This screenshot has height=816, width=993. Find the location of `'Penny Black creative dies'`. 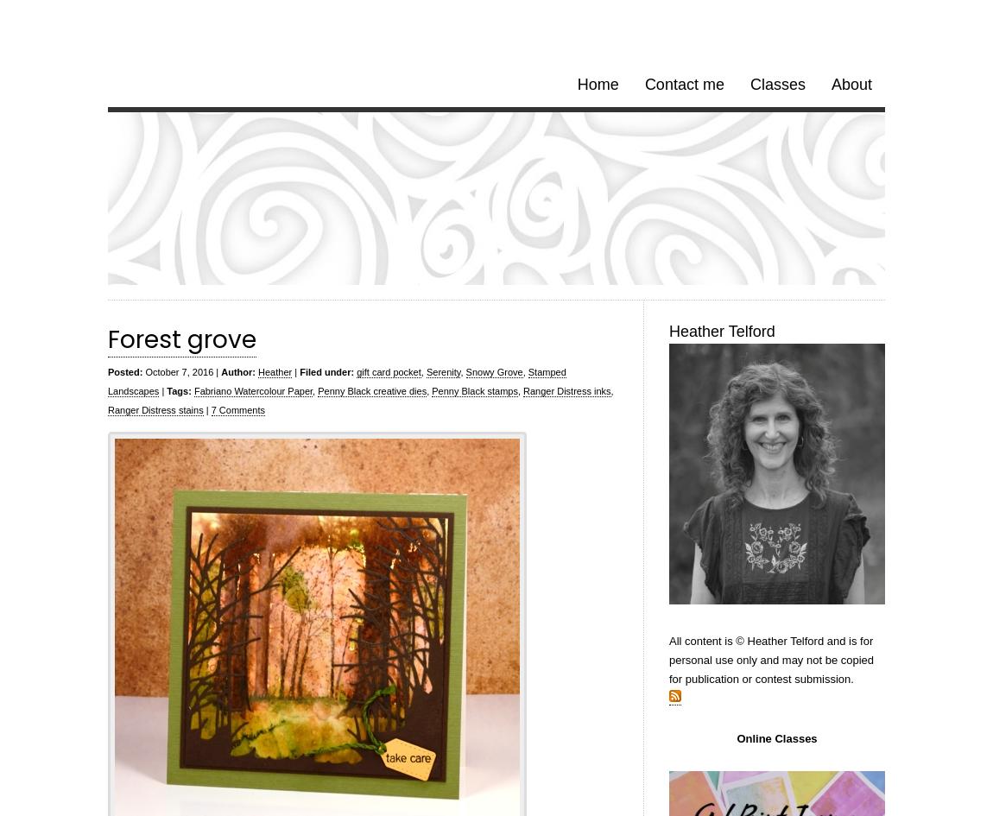

'Penny Black creative dies' is located at coordinates (318, 391).